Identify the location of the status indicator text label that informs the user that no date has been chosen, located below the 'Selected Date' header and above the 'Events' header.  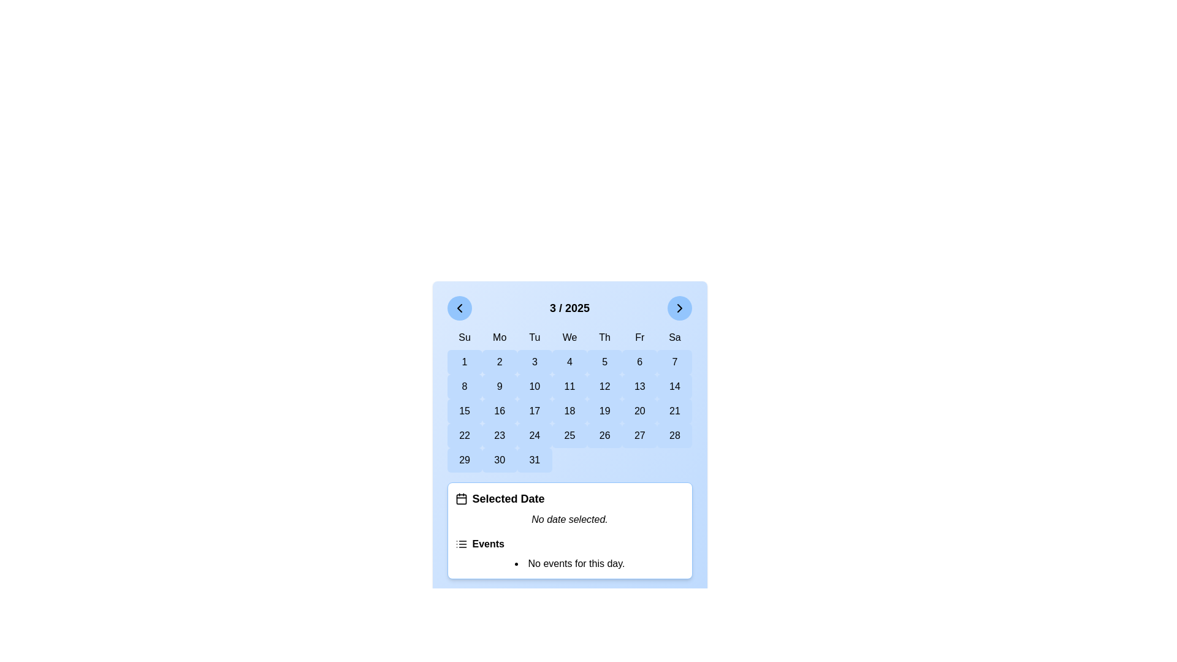
(569, 520).